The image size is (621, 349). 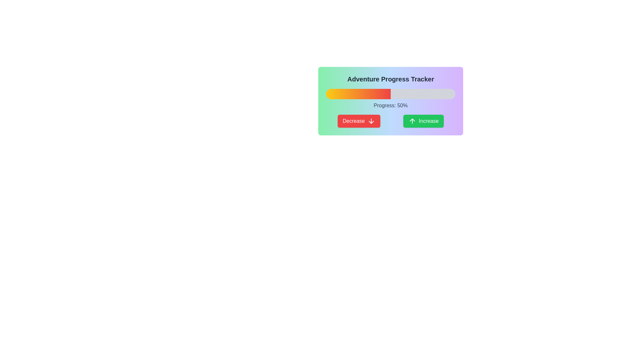 I want to click on the horizontal progress bar with rounded edges, which has a gradient transitioning from yellow to red, located below the title 'Adventure Progress Tracker' and above the 'Progress: 50%' label, so click(x=390, y=94).